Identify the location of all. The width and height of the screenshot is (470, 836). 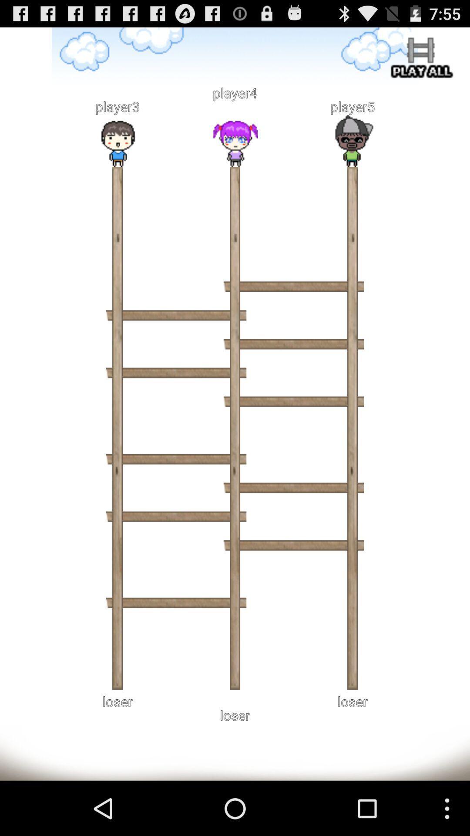
(420, 59).